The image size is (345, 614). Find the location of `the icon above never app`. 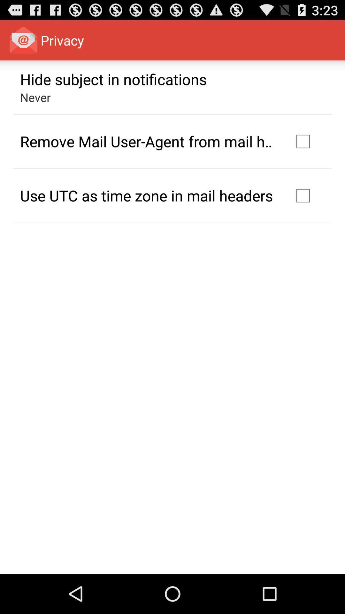

the icon above never app is located at coordinates (113, 79).